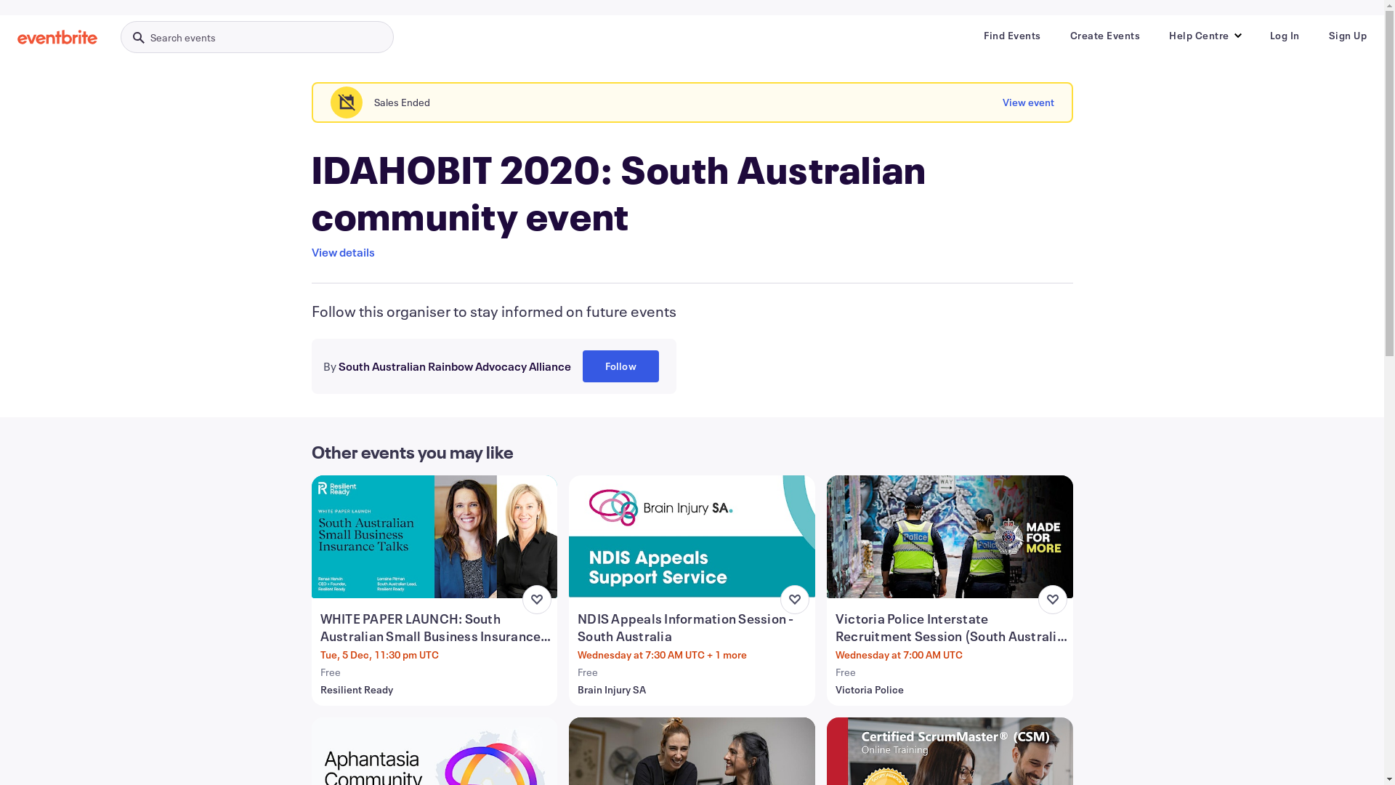 Image resolution: width=1395 pixels, height=785 pixels. Describe the element at coordinates (17, 36) in the screenshot. I see `'Eventbrite'` at that location.